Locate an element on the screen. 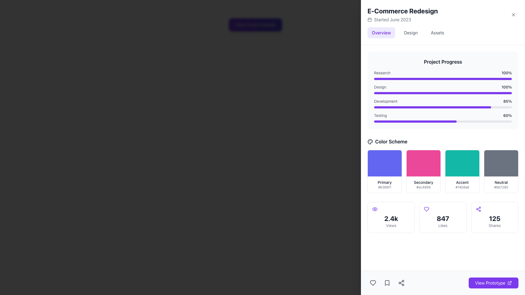  the share button located in the bottom toolbar towards the right side is located at coordinates (401, 283).